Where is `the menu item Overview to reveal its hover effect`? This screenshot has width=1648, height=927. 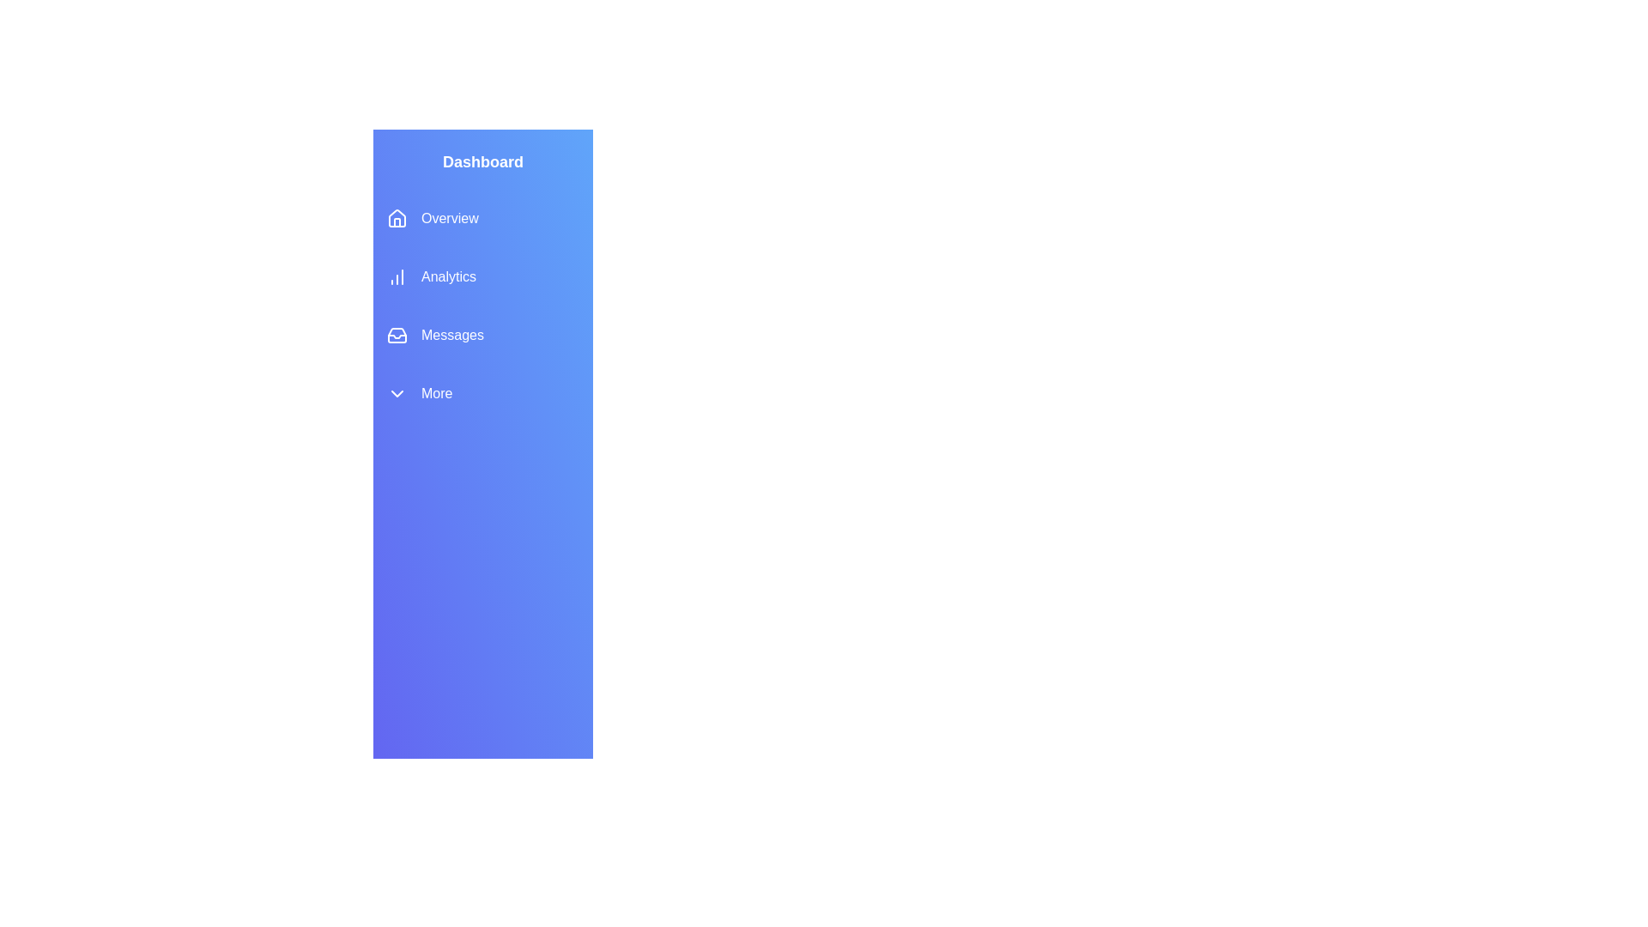
the menu item Overview to reveal its hover effect is located at coordinates (482, 217).